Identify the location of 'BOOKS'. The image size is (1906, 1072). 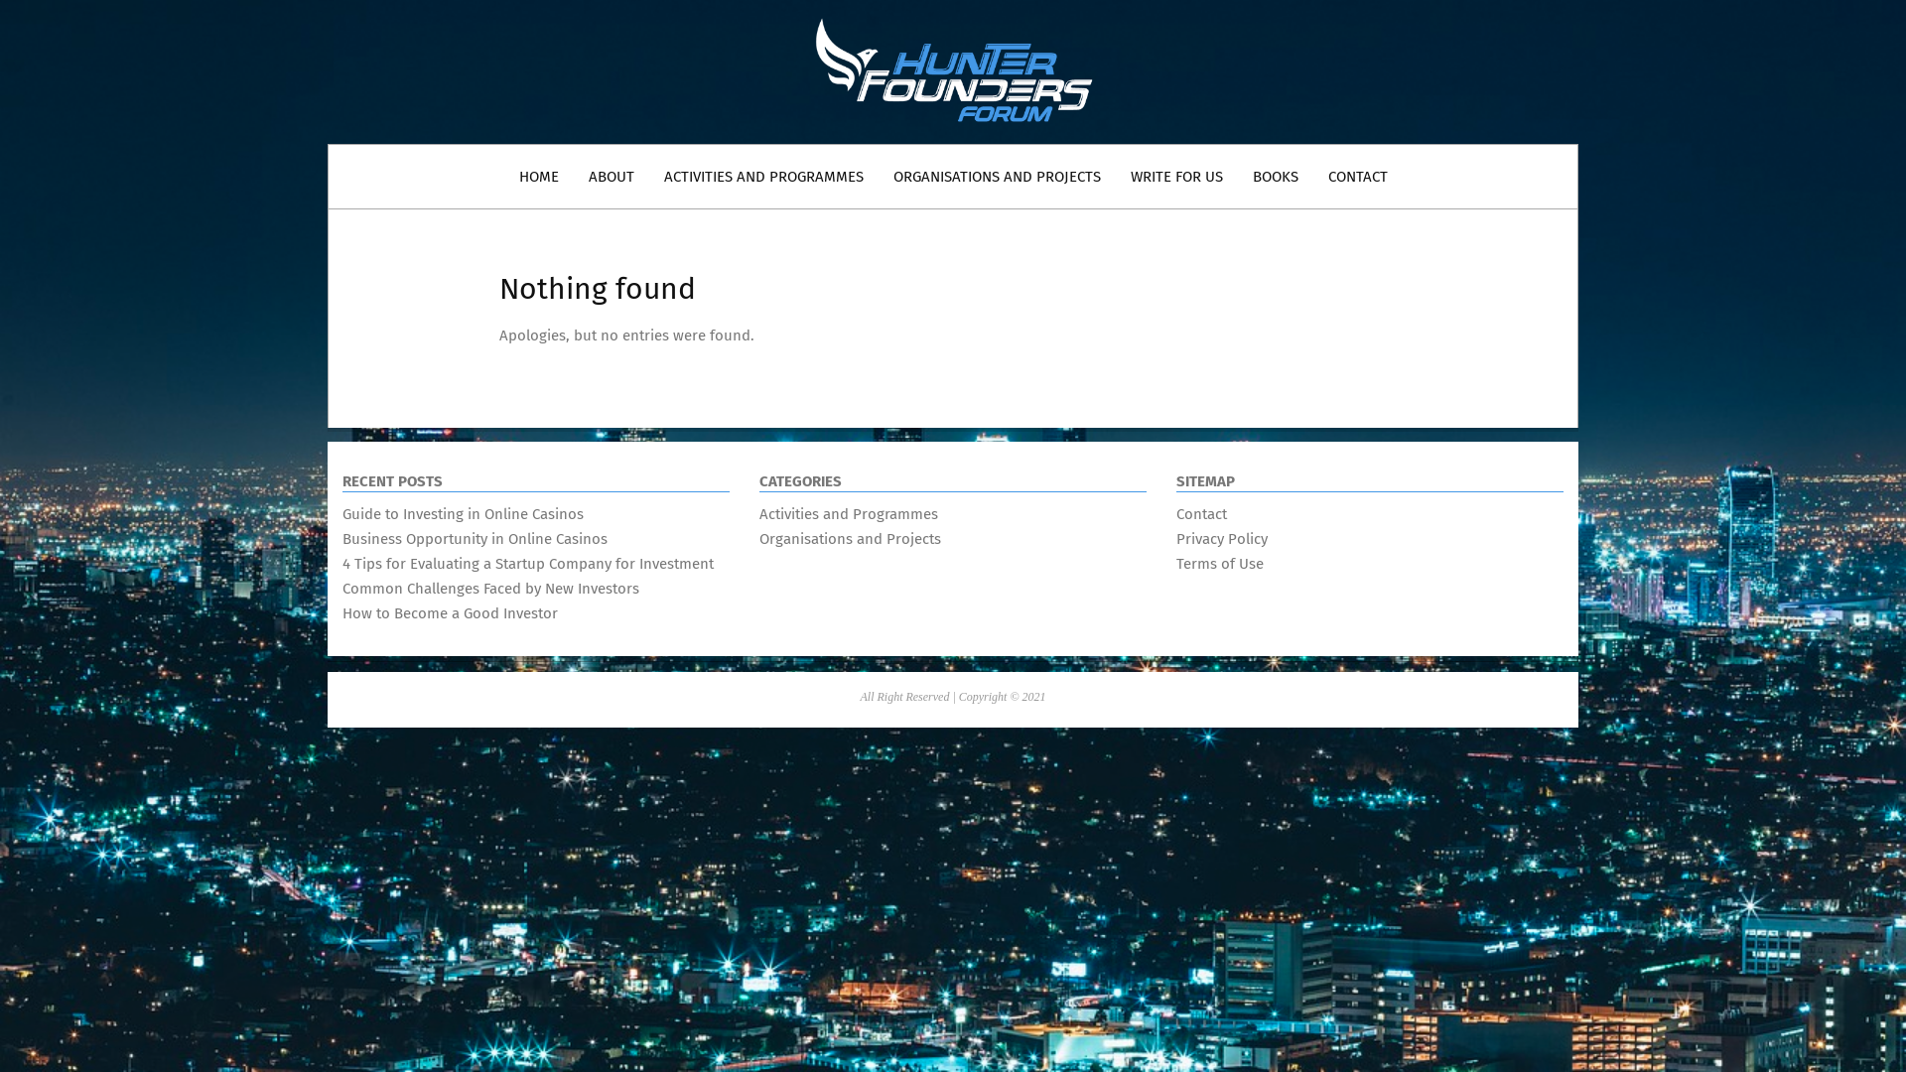
(1236, 175).